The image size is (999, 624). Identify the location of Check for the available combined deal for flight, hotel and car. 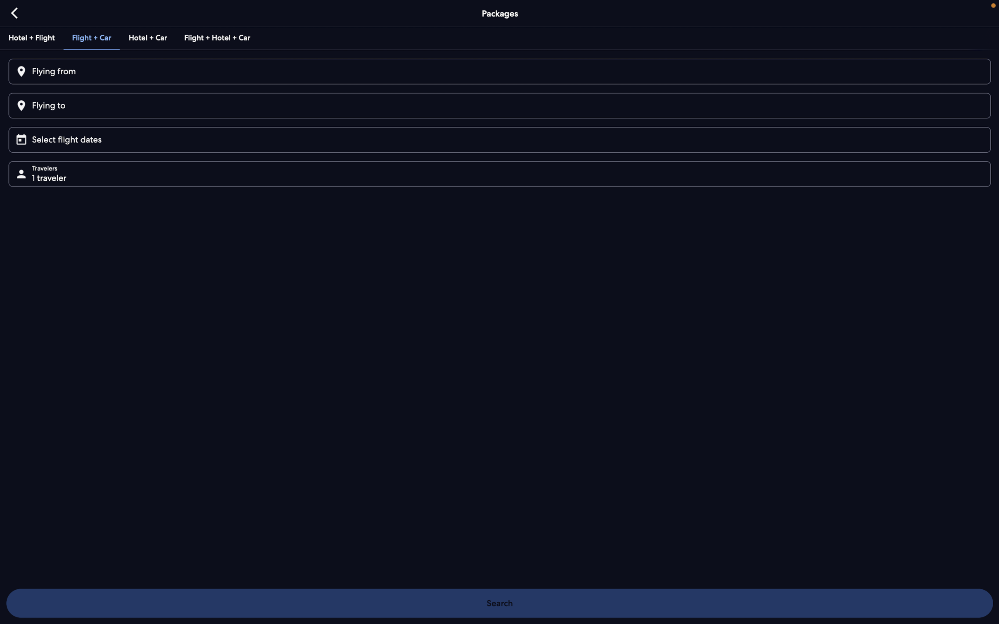
(216, 37).